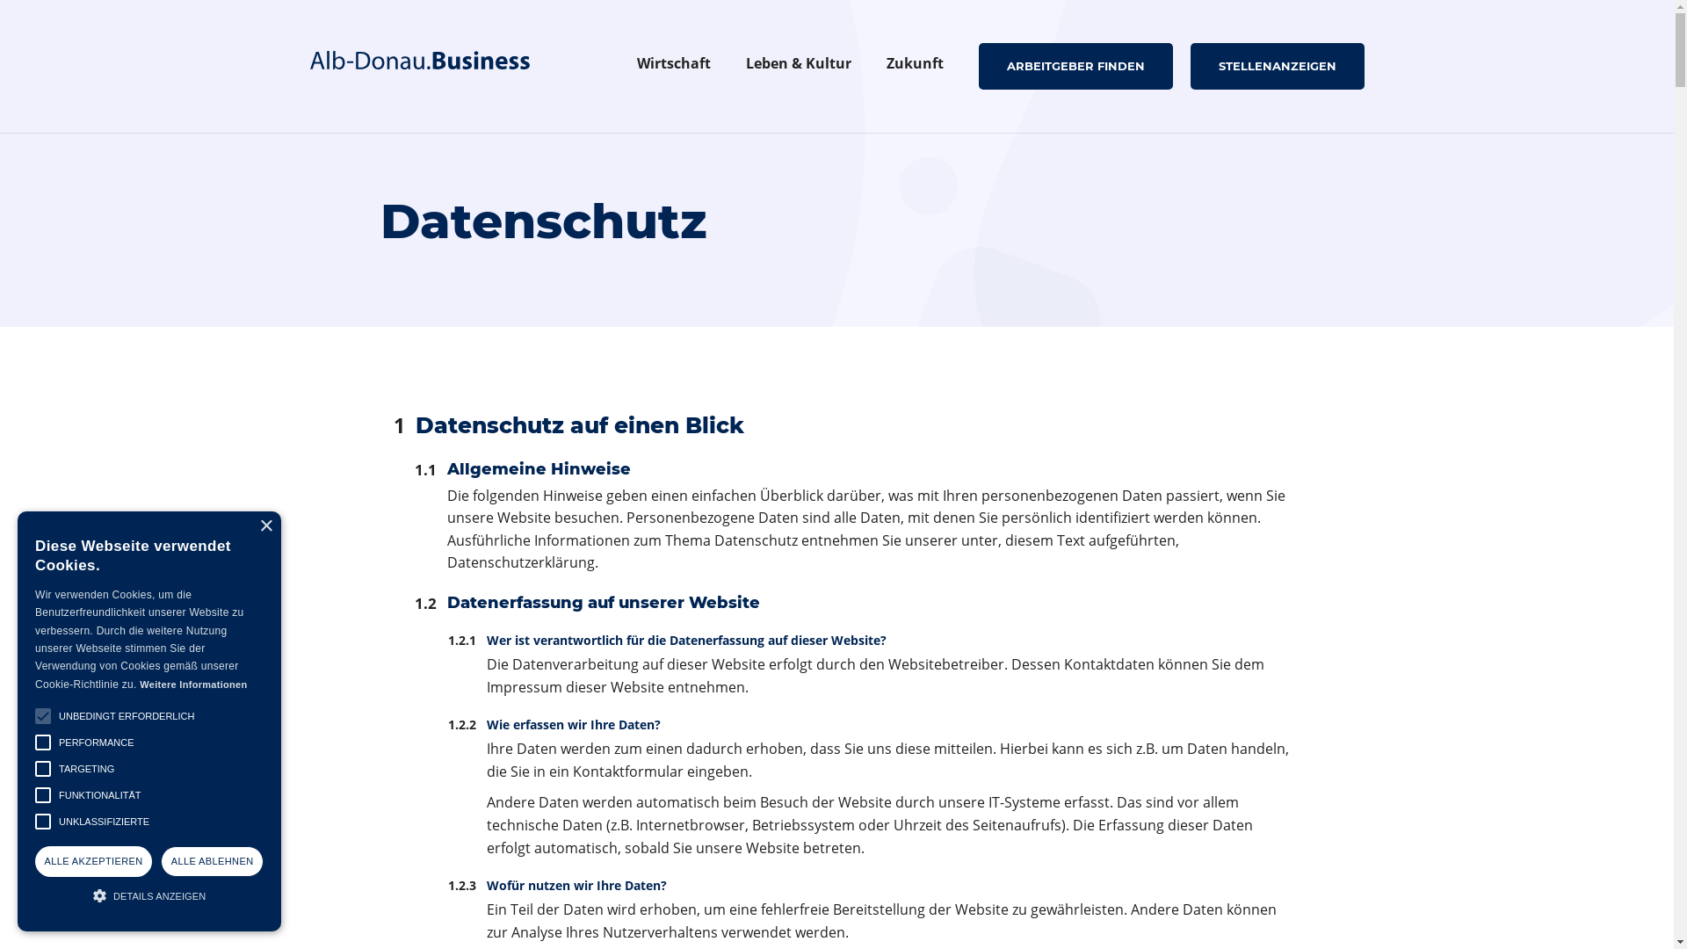 The width and height of the screenshot is (1687, 949). What do you see at coordinates (728, 65) in the screenshot?
I see `'Leben & Kultur'` at bounding box center [728, 65].